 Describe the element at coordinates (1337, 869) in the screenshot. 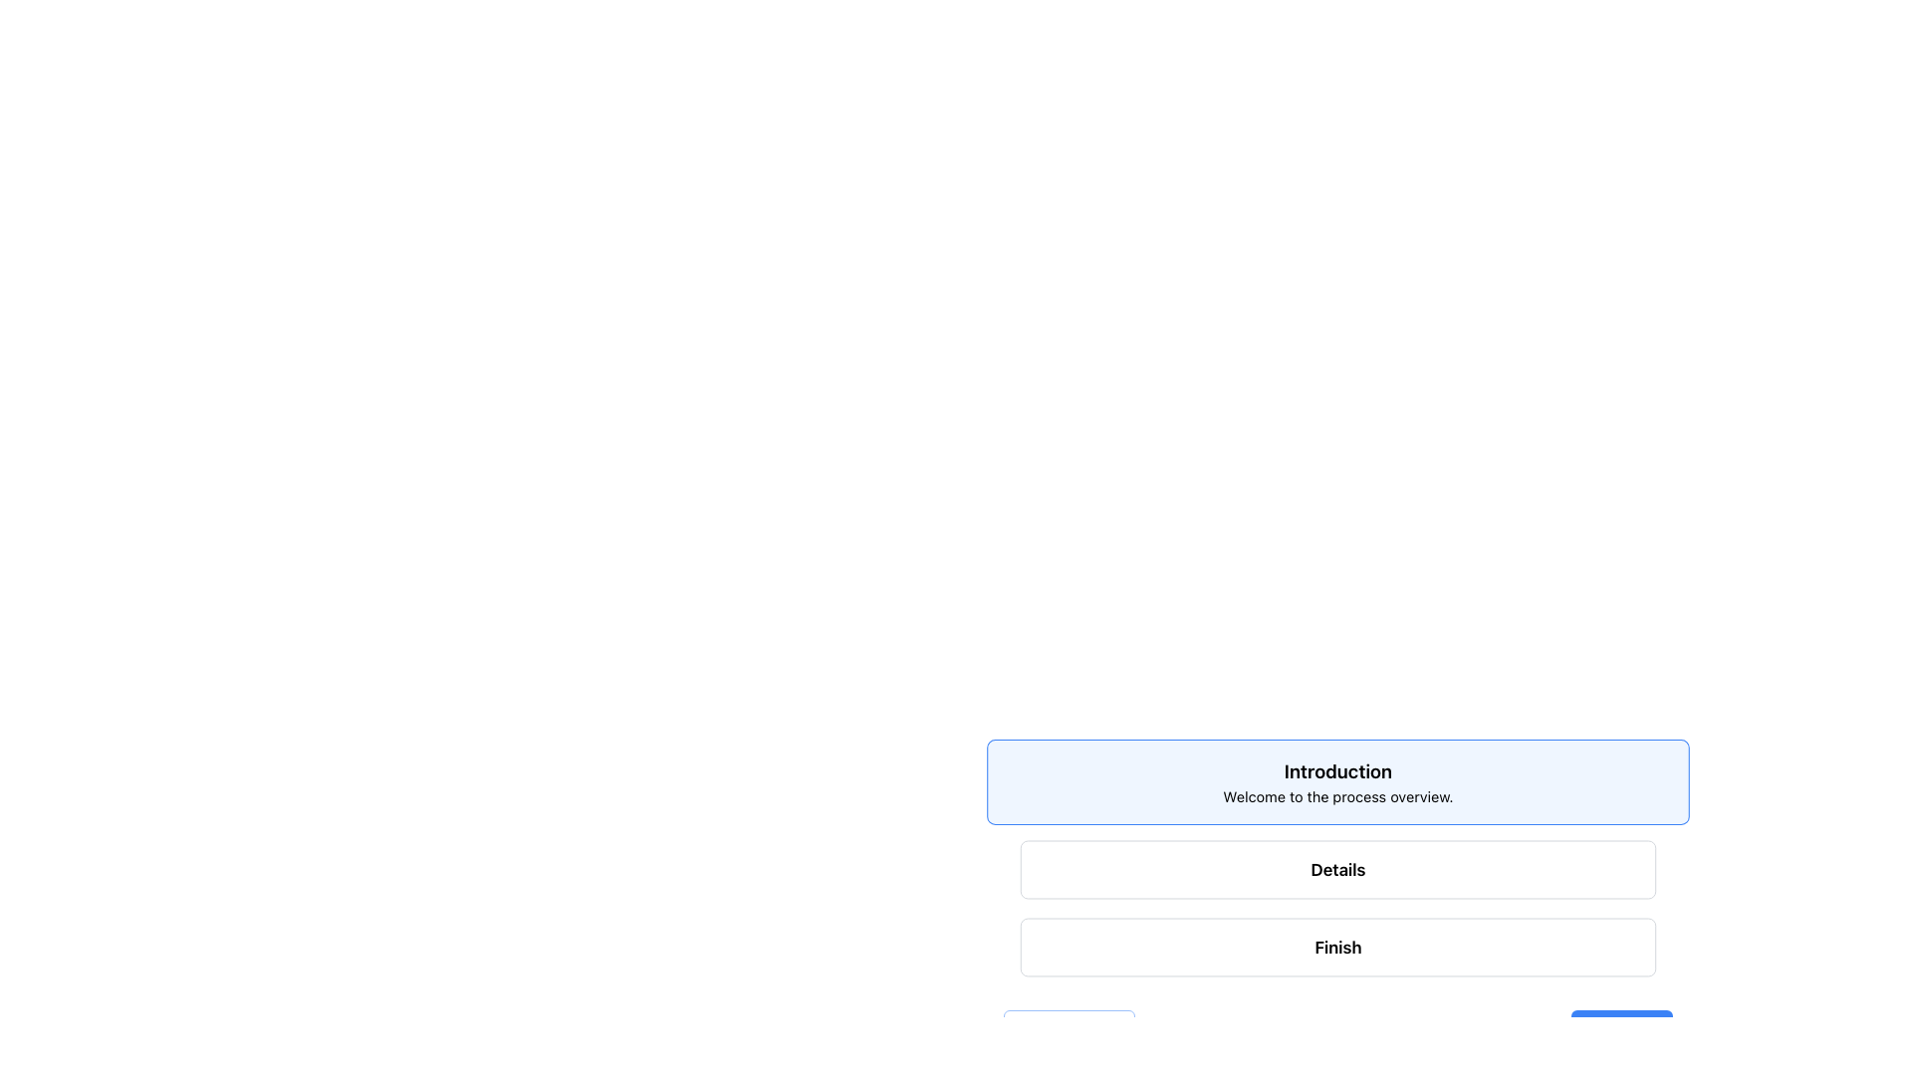

I see `the 'Details' text label, which is a bold, large font component centered in a white box with rounded corners and a light gray border` at that location.